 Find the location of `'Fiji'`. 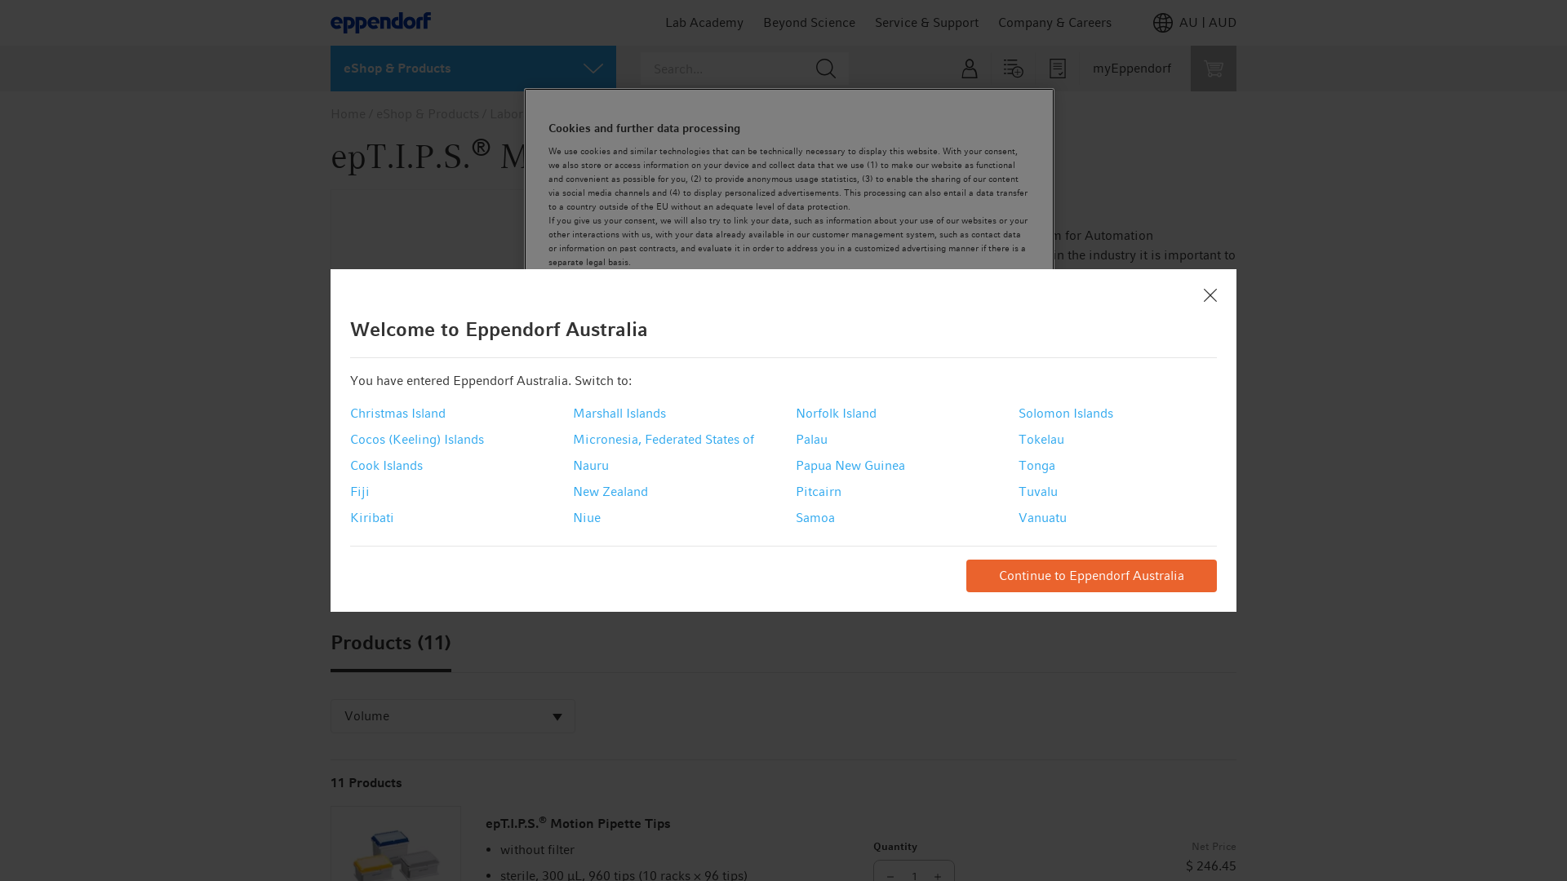

'Fiji' is located at coordinates (348, 490).